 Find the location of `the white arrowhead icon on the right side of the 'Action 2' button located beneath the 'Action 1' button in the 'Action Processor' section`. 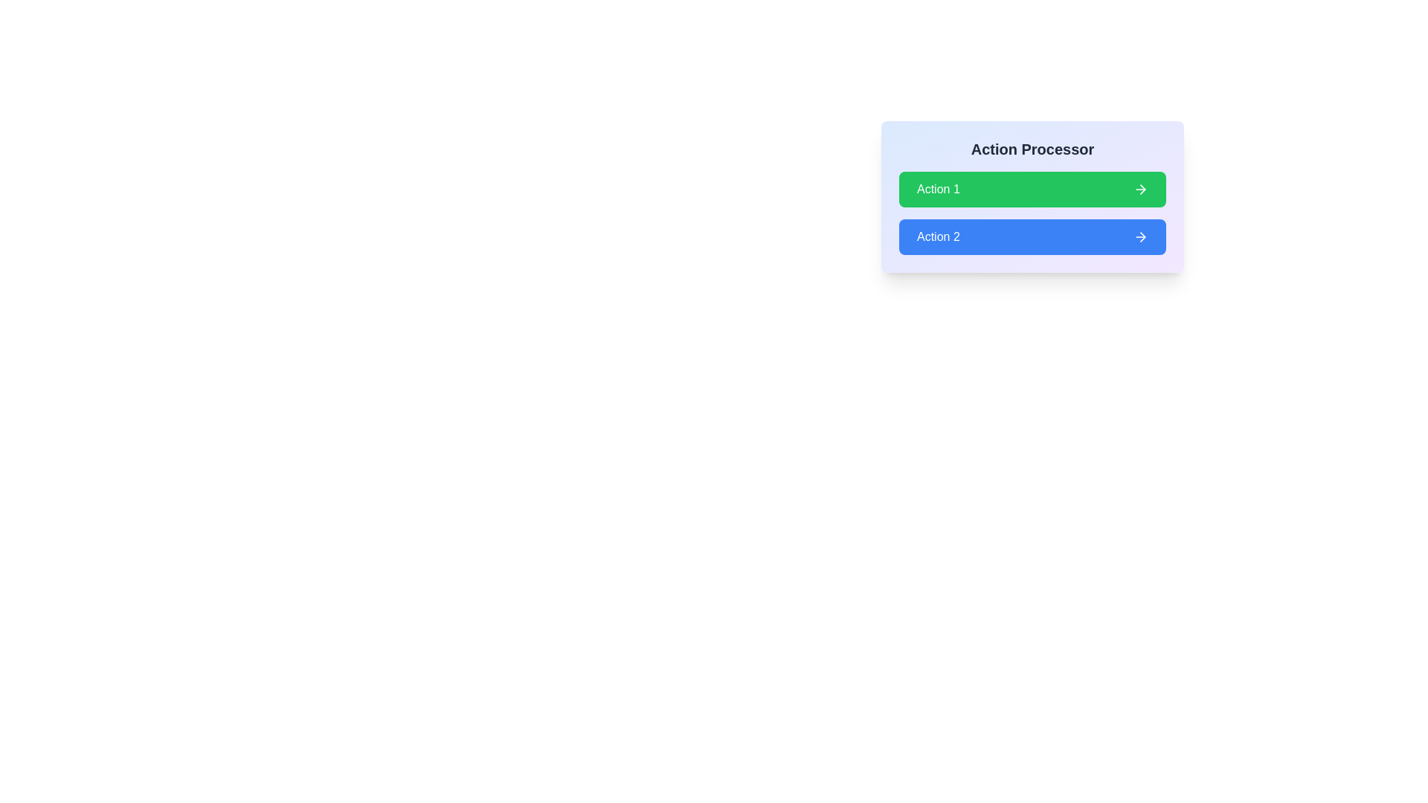

the white arrowhead icon on the right side of the 'Action 2' button located beneath the 'Action 1' button in the 'Action Processor' section is located at coordinates (1140, 236).